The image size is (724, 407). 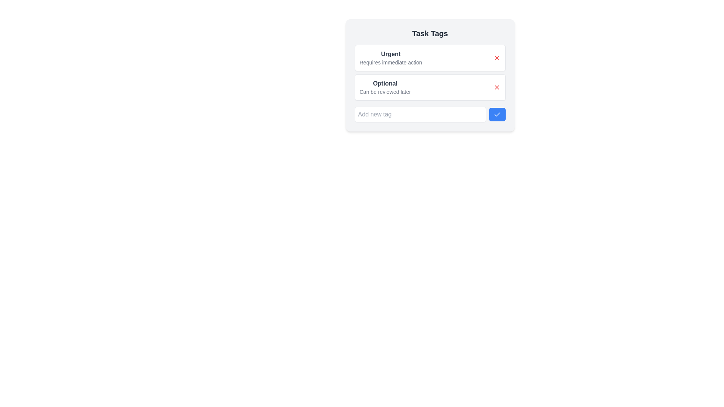 What do you see at coordinates (391, 58) in the screenshot?
I see `the text block titled 'Urgent' with the description 'Requires immediate action', which is the first tag in a vertically stacked list of task tags` at bounding box center [391, 58].